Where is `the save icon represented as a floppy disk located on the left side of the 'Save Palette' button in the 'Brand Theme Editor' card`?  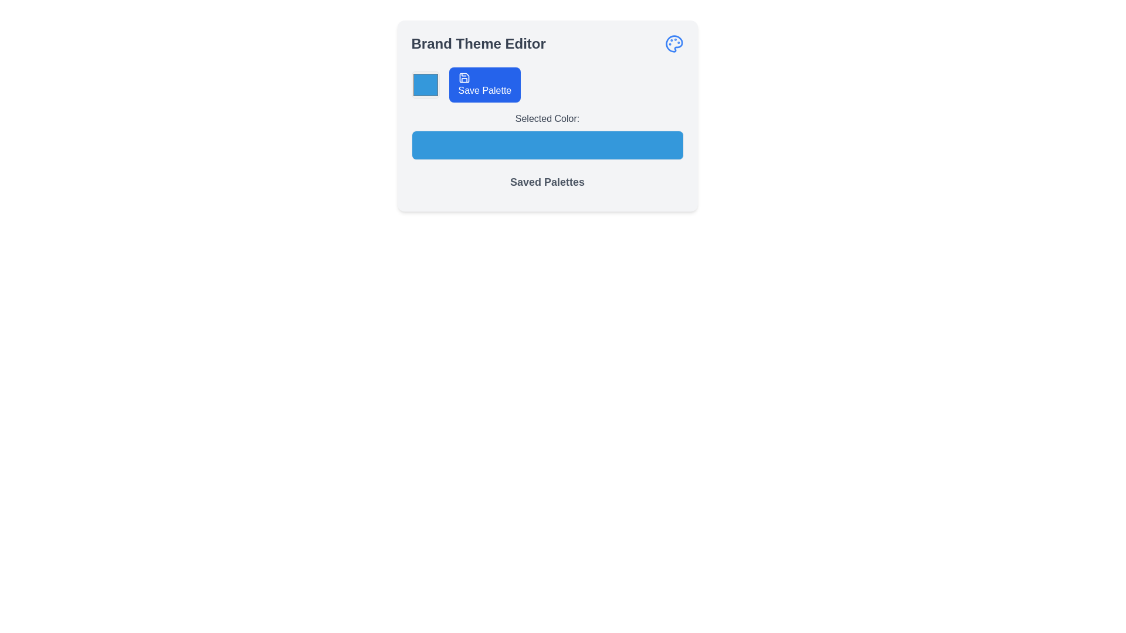 the save icon represented as a floppy disk located on the left side of the 'Save Palette' button in the 'Brand Theme Editor' card is located at coordinates (463, 77).